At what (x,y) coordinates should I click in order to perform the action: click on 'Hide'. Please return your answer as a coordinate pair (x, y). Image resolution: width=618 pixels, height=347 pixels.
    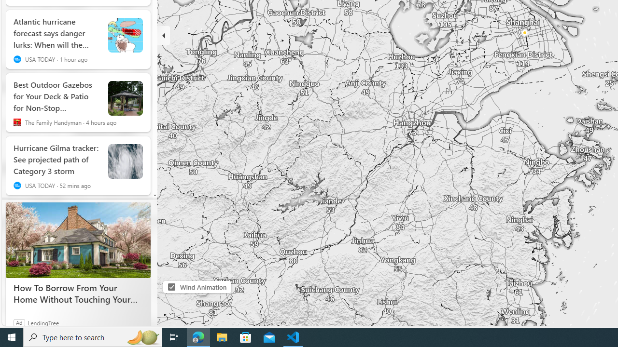
    Looking at the image, I should click on (164, 35).